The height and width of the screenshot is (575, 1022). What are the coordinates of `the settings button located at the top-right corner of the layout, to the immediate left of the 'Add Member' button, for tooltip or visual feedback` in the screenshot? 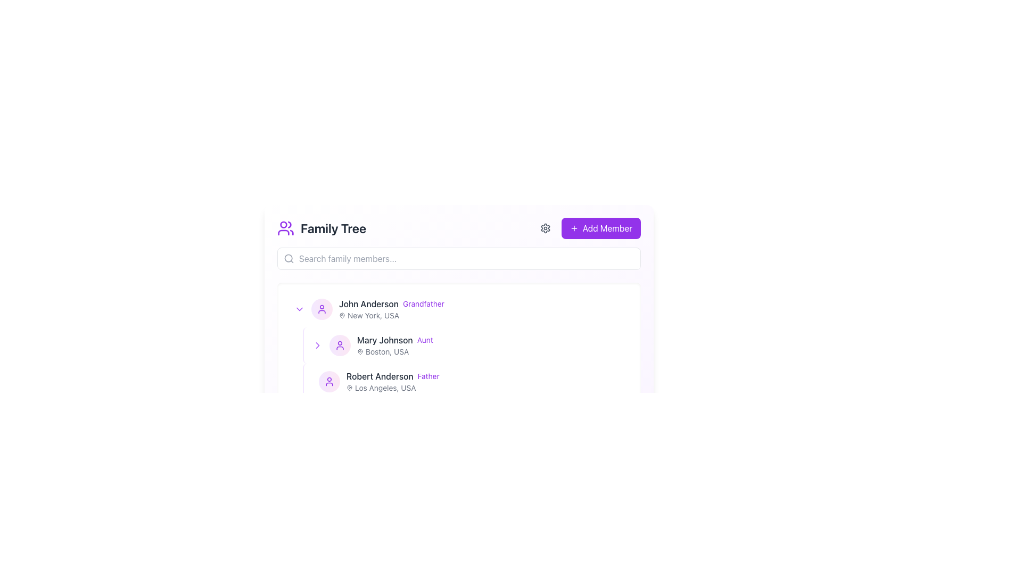 It's located at (545, 227).